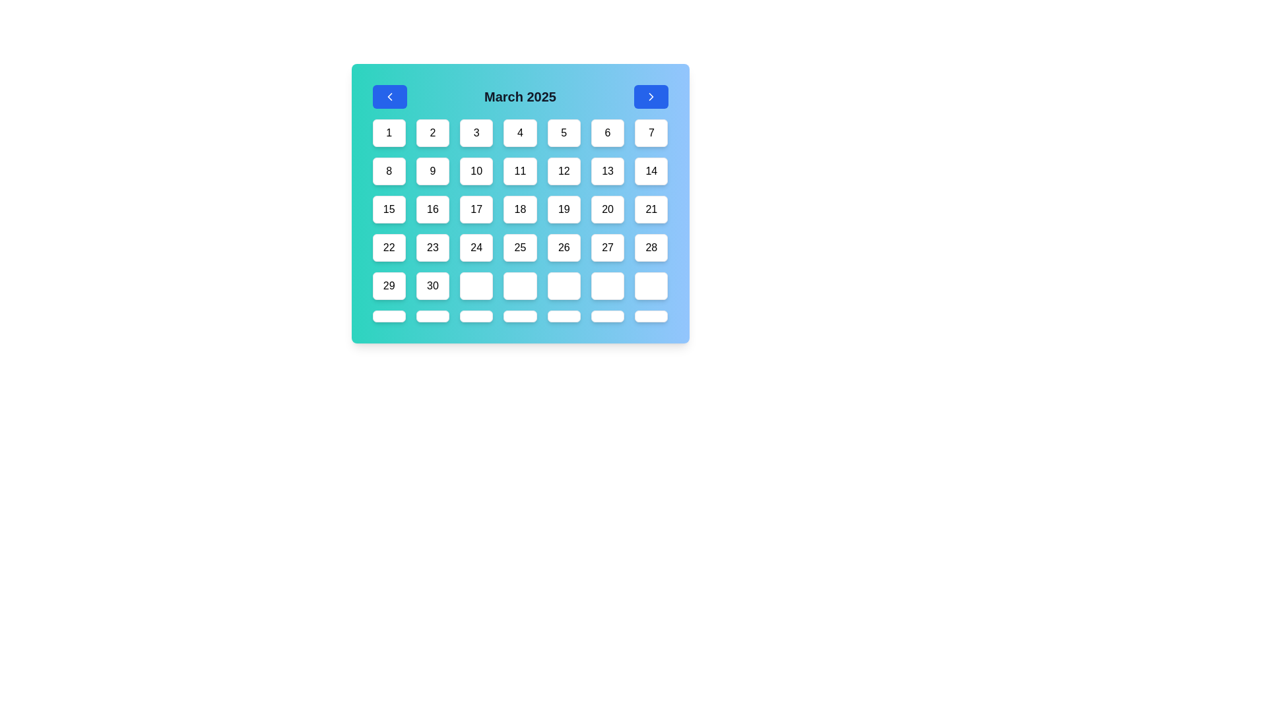 Image resolution: width=1267 pixels, height=712 pixels. I want to click on the button representing the 10th day of March 2025 in the calendar under the 'March 2025' heading, so click(475, 170).